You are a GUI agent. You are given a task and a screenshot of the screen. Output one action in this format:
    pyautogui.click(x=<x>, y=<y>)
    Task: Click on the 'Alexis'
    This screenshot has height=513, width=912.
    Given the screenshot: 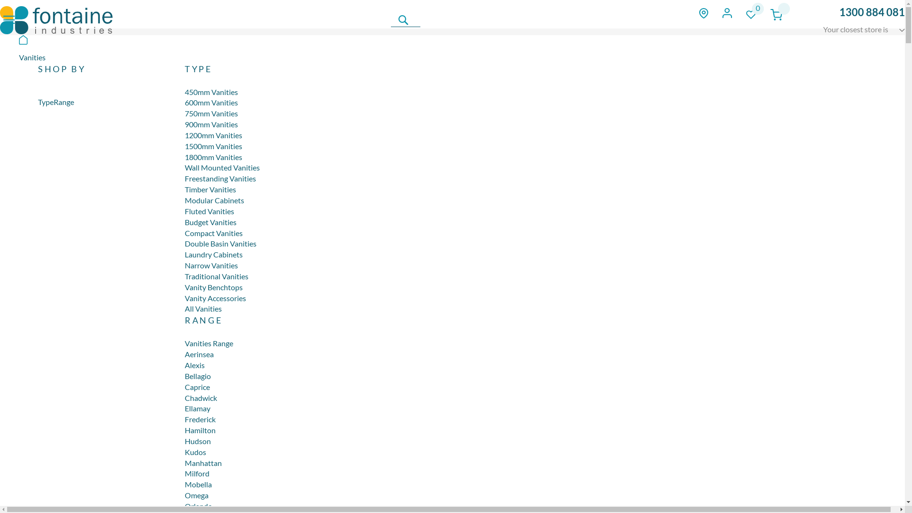 What is the action you would take?
    pyautogui.click(x=194, y=364)
    